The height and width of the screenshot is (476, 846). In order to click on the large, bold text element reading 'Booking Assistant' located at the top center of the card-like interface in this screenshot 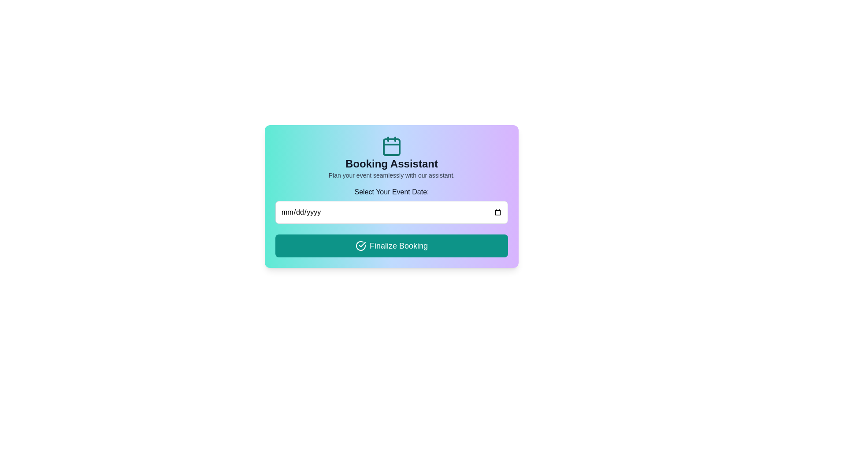, I will do `click(391, 164)`.